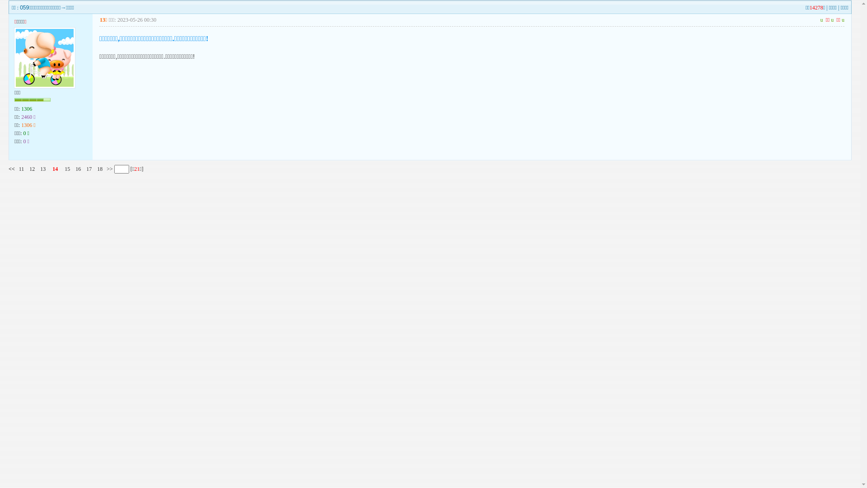 Image resolution: width=867 pixels, height=488 pixels. I want to click on '<<', so click(11, 169).